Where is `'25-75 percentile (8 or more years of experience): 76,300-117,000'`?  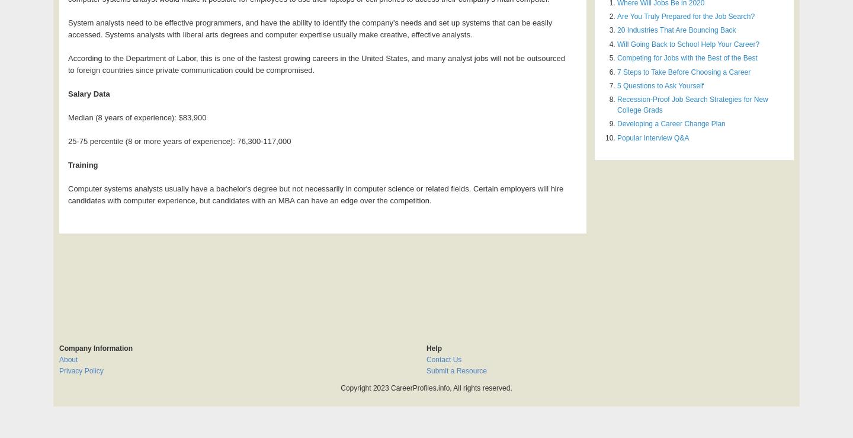
'25-75 percentile (8 or more years of experience): 76,300-117,000' is located at coordinates (68, 141).